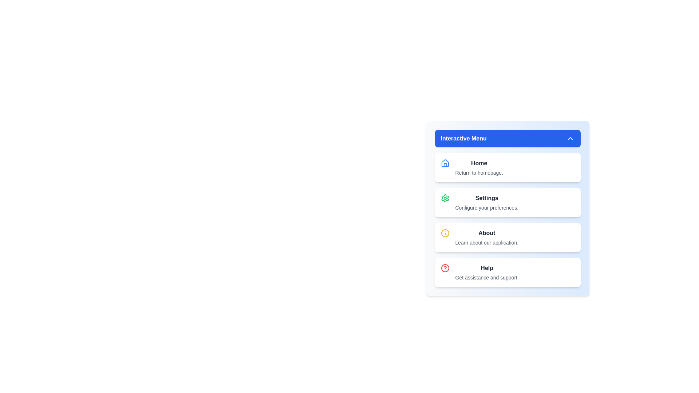  What do you see at coordinates (445, 163) in the screenshot?
I see `the 'Home' icon in the interactive menu` at bounding box center [445, 163].